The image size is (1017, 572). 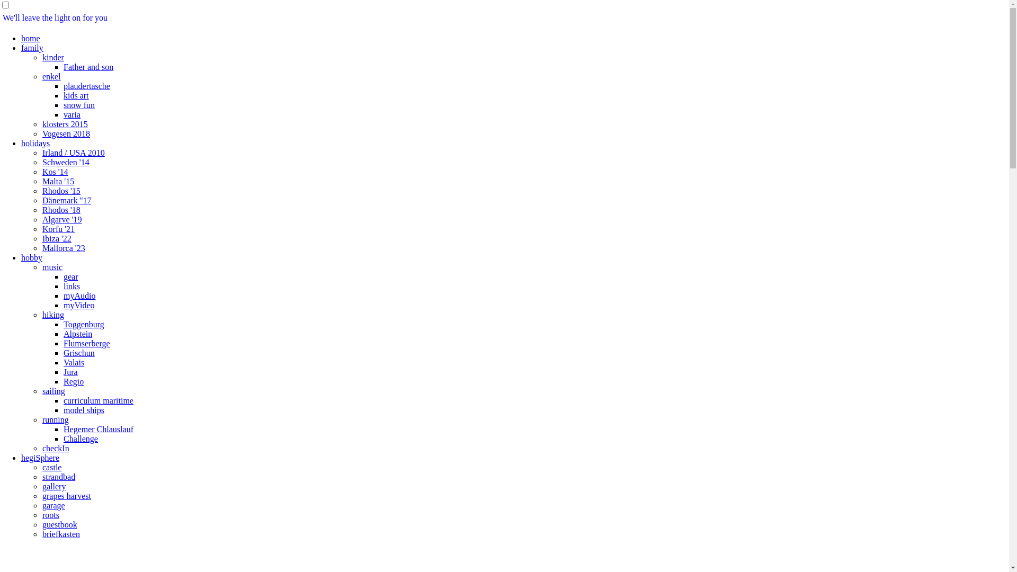 I want to click on 'Challenge', so click(x=63, y=439).